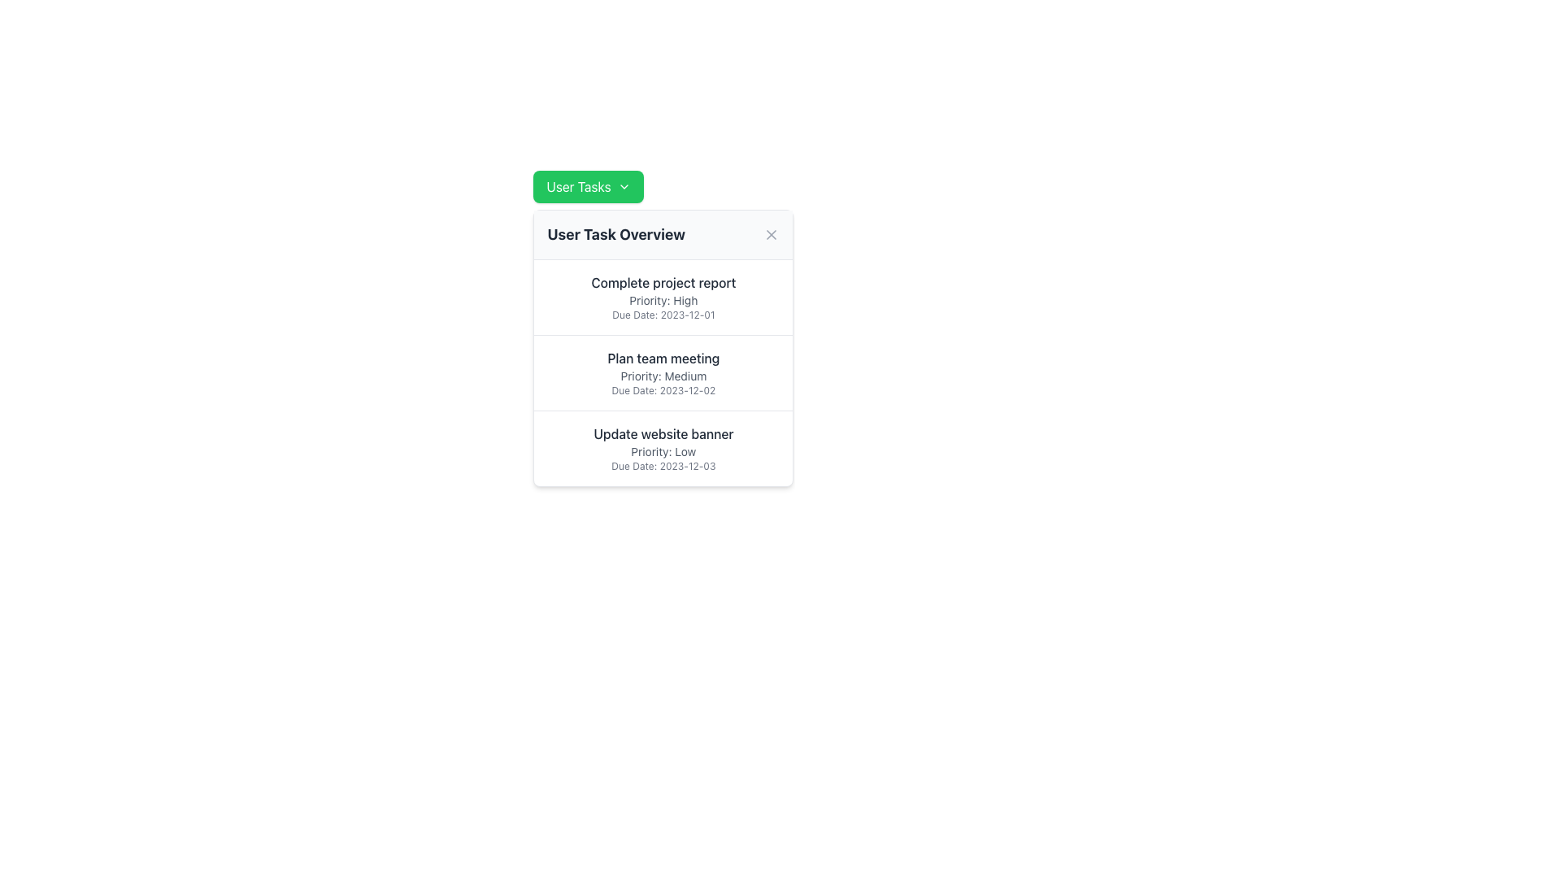 The height and width of the screenshot is (878, 1561). I want to click on the 'User Tasks' button located at the top of the white content box, so click(588, 186).